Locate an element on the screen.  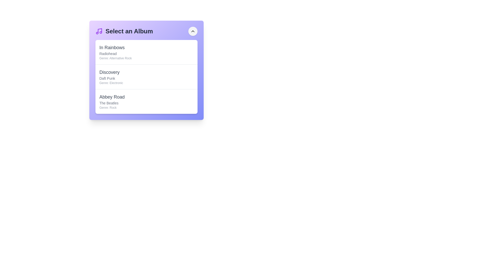
the Label displaying details about the album 'Discovery', which is located below 'In Rainbows' and above 'Abbey Road' is located at coordinates (111, 77).